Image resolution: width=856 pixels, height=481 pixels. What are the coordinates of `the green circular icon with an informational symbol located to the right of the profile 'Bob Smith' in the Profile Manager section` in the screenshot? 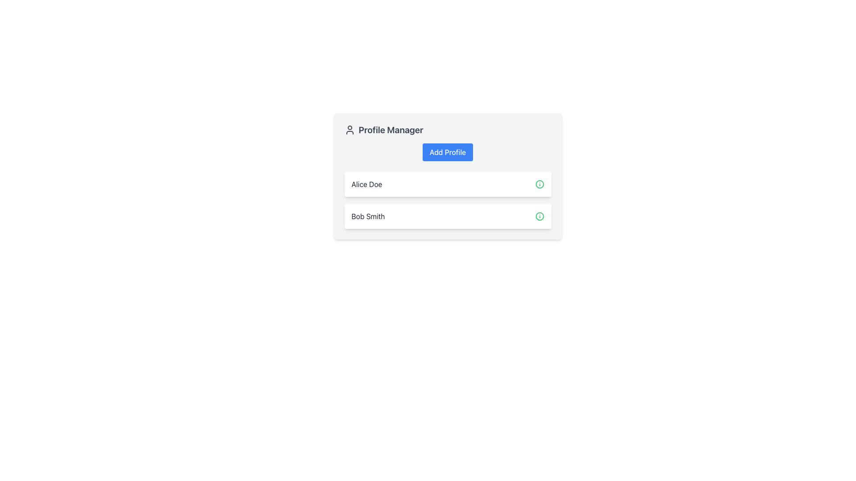 It's located at (539, 216).